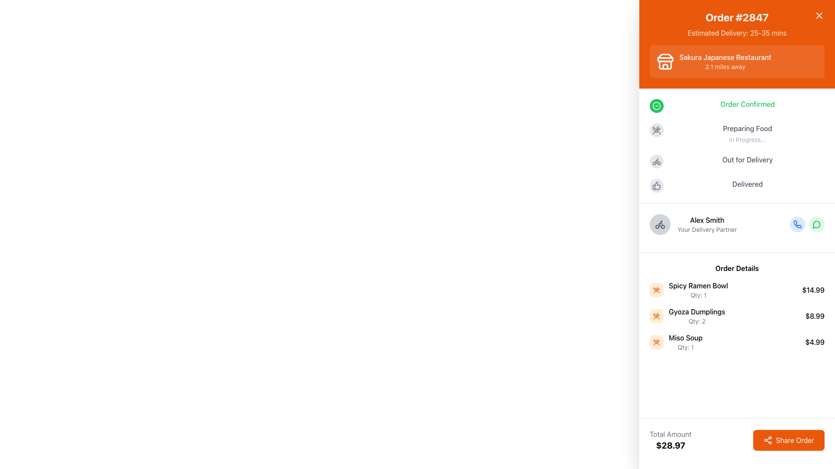 The height and width of the screenshot is (469, 835). What do you see at coordinates (736, 145) in the screenshot?
I see `the Status tracker list located in the right sidebar near the center vertically to interpret the order progress` at bounding box center [736, 145].